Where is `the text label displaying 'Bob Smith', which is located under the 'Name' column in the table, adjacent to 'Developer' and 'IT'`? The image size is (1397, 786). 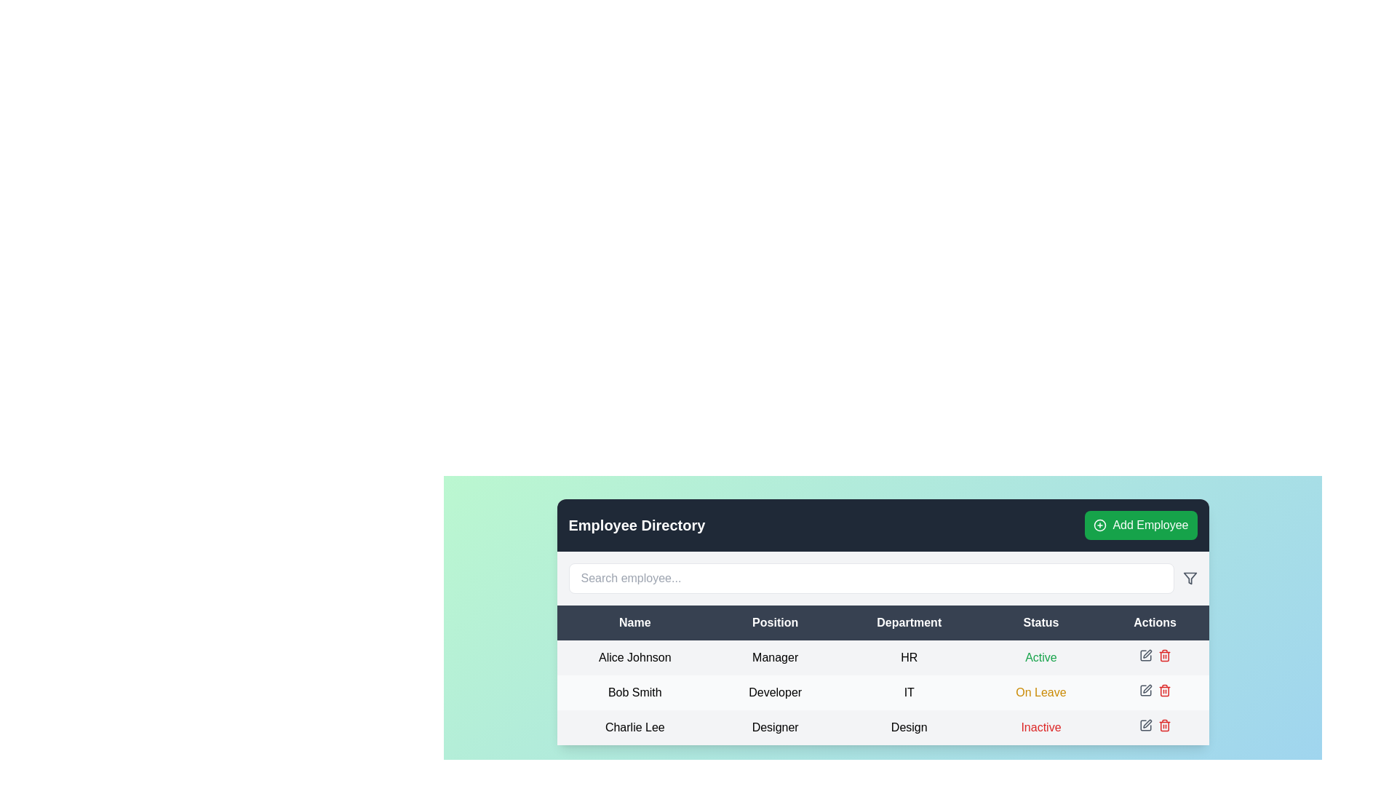
the text label displaying 'Bob Smith', which is located under the 'Name' column in the table, adjacent to 'Developer' and 'IT' is located at coordinates (634, 692).